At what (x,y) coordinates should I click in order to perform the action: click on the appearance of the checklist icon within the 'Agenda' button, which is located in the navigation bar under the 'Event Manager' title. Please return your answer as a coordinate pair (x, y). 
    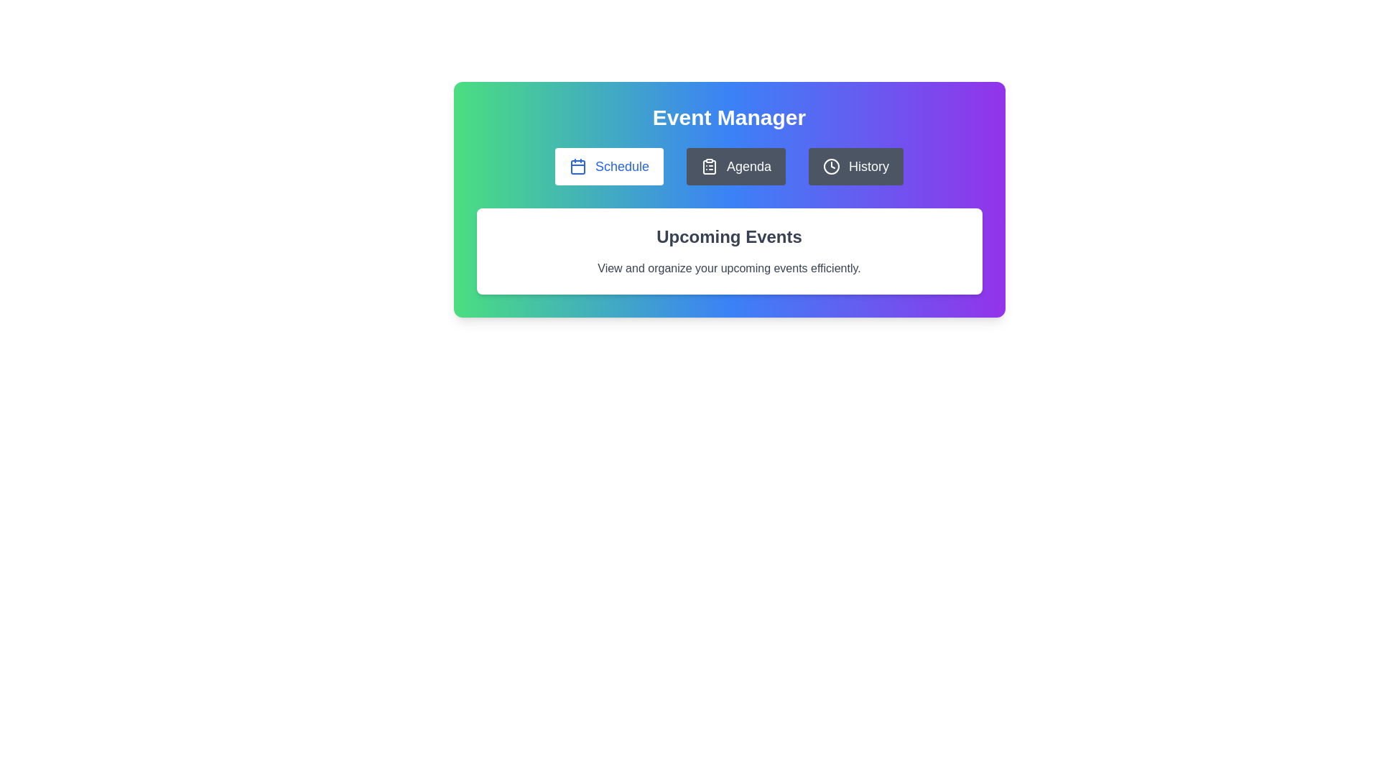
    Looking at the image, I should click on (710, 165).